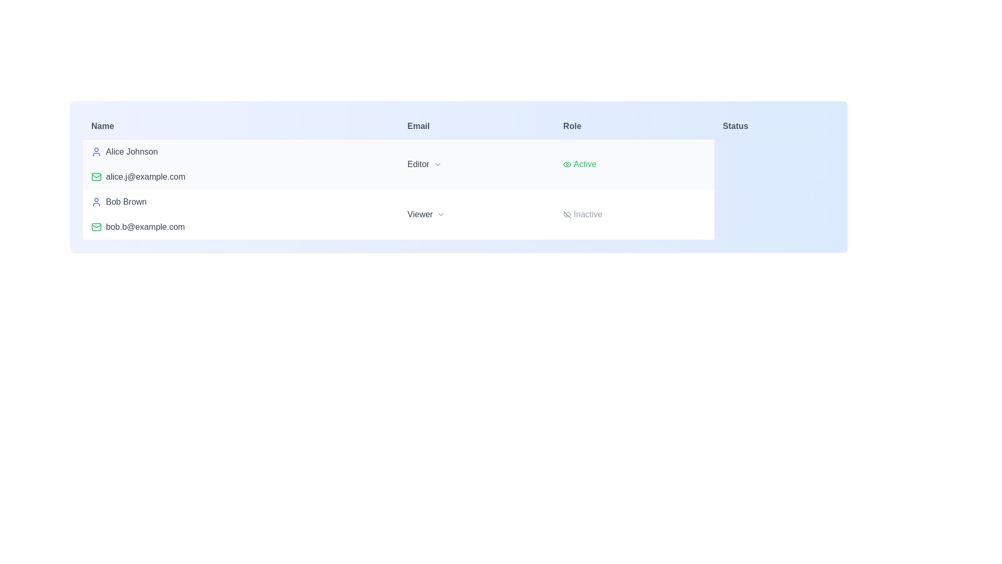  What do you see at coordinates (97, 177) in the screenshot?
I see `the green-colored mail icon representing 'Email' located to the left of the email address 'alice.j@example.com' in the email list` at bounding box center [97, 177].